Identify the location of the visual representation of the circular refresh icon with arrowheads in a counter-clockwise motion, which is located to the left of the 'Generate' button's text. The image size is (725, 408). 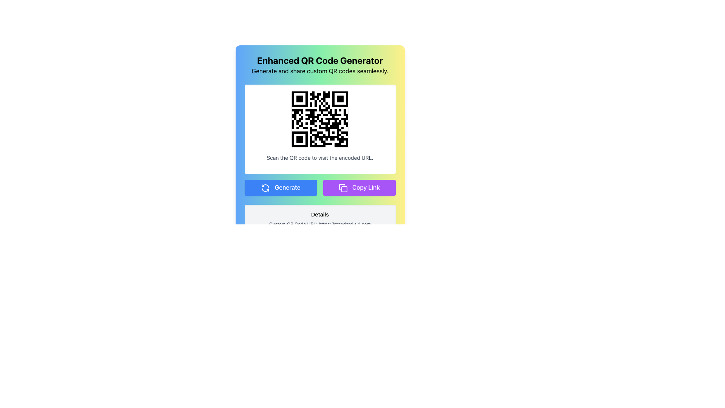
(265, 187).